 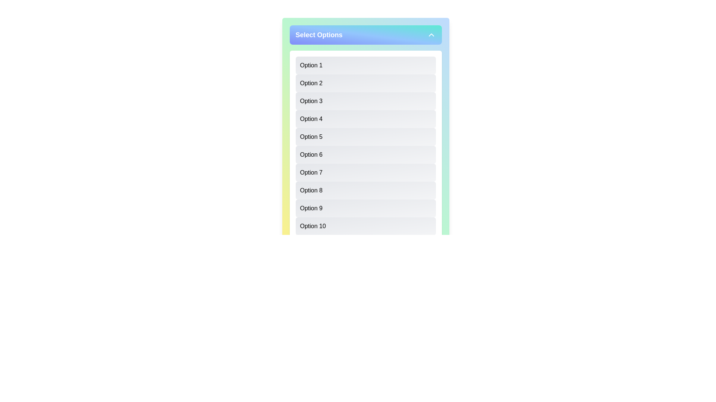 What do you see at coordinates (311, 190) in the screenshot?
I see `the eighth option in the vertically stacked menu` at bounding box center [311, 190].